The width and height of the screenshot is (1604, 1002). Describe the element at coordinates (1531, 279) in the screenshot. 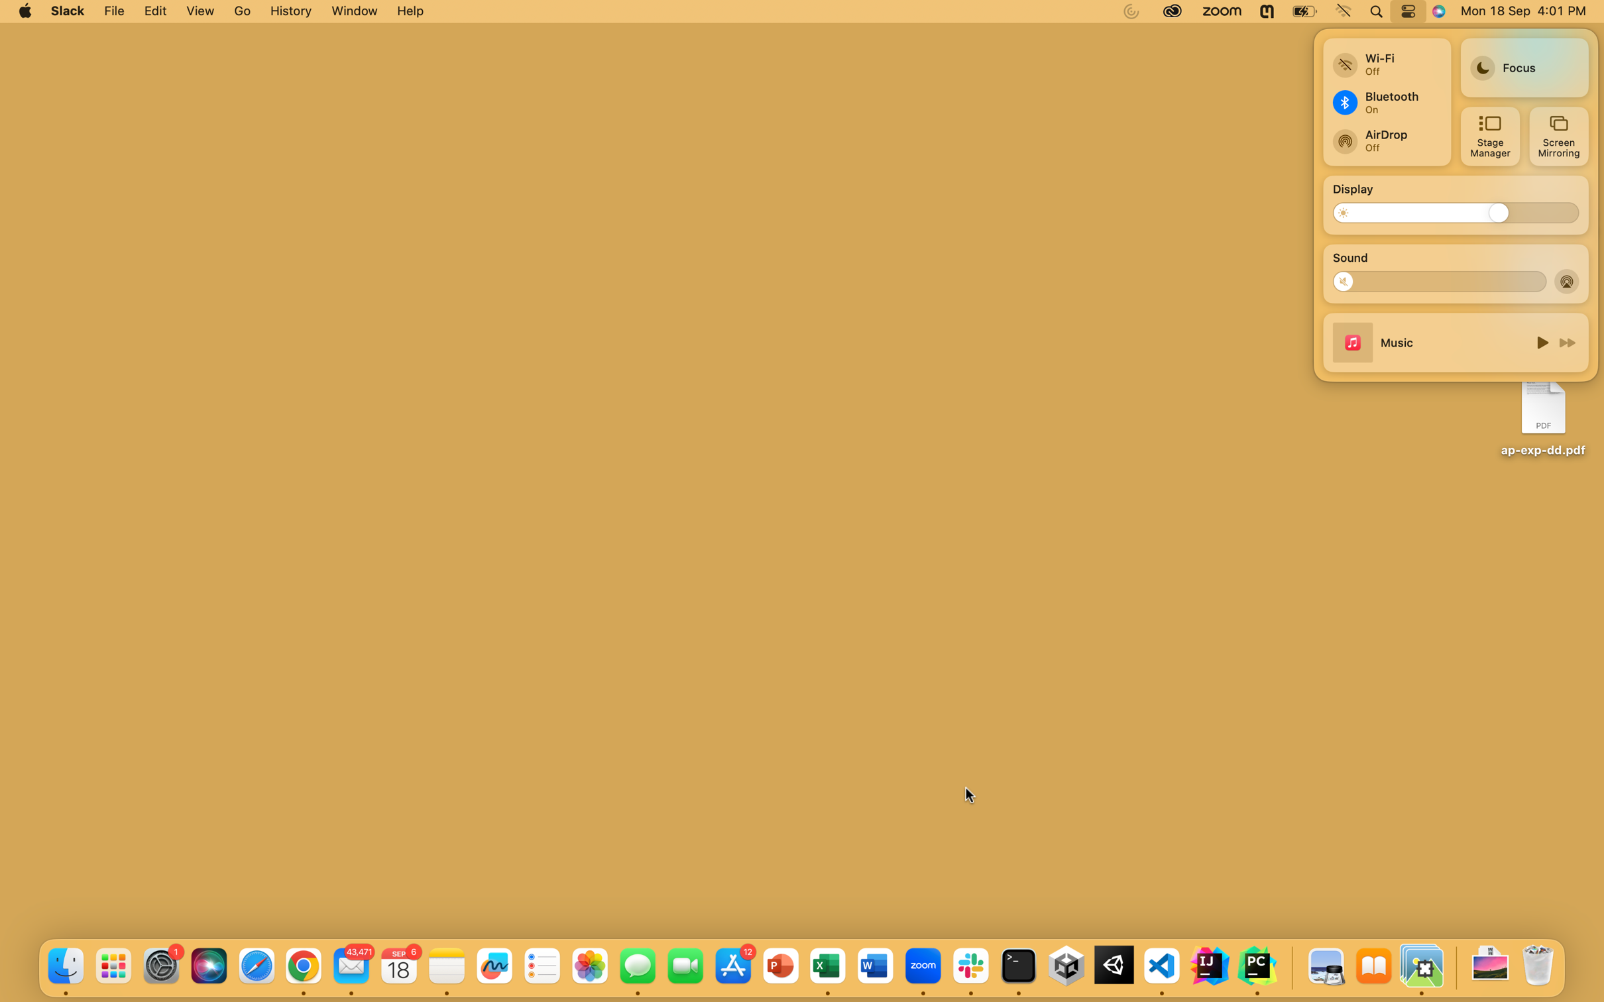

I see `the audio level to the maximum possible` at that location.